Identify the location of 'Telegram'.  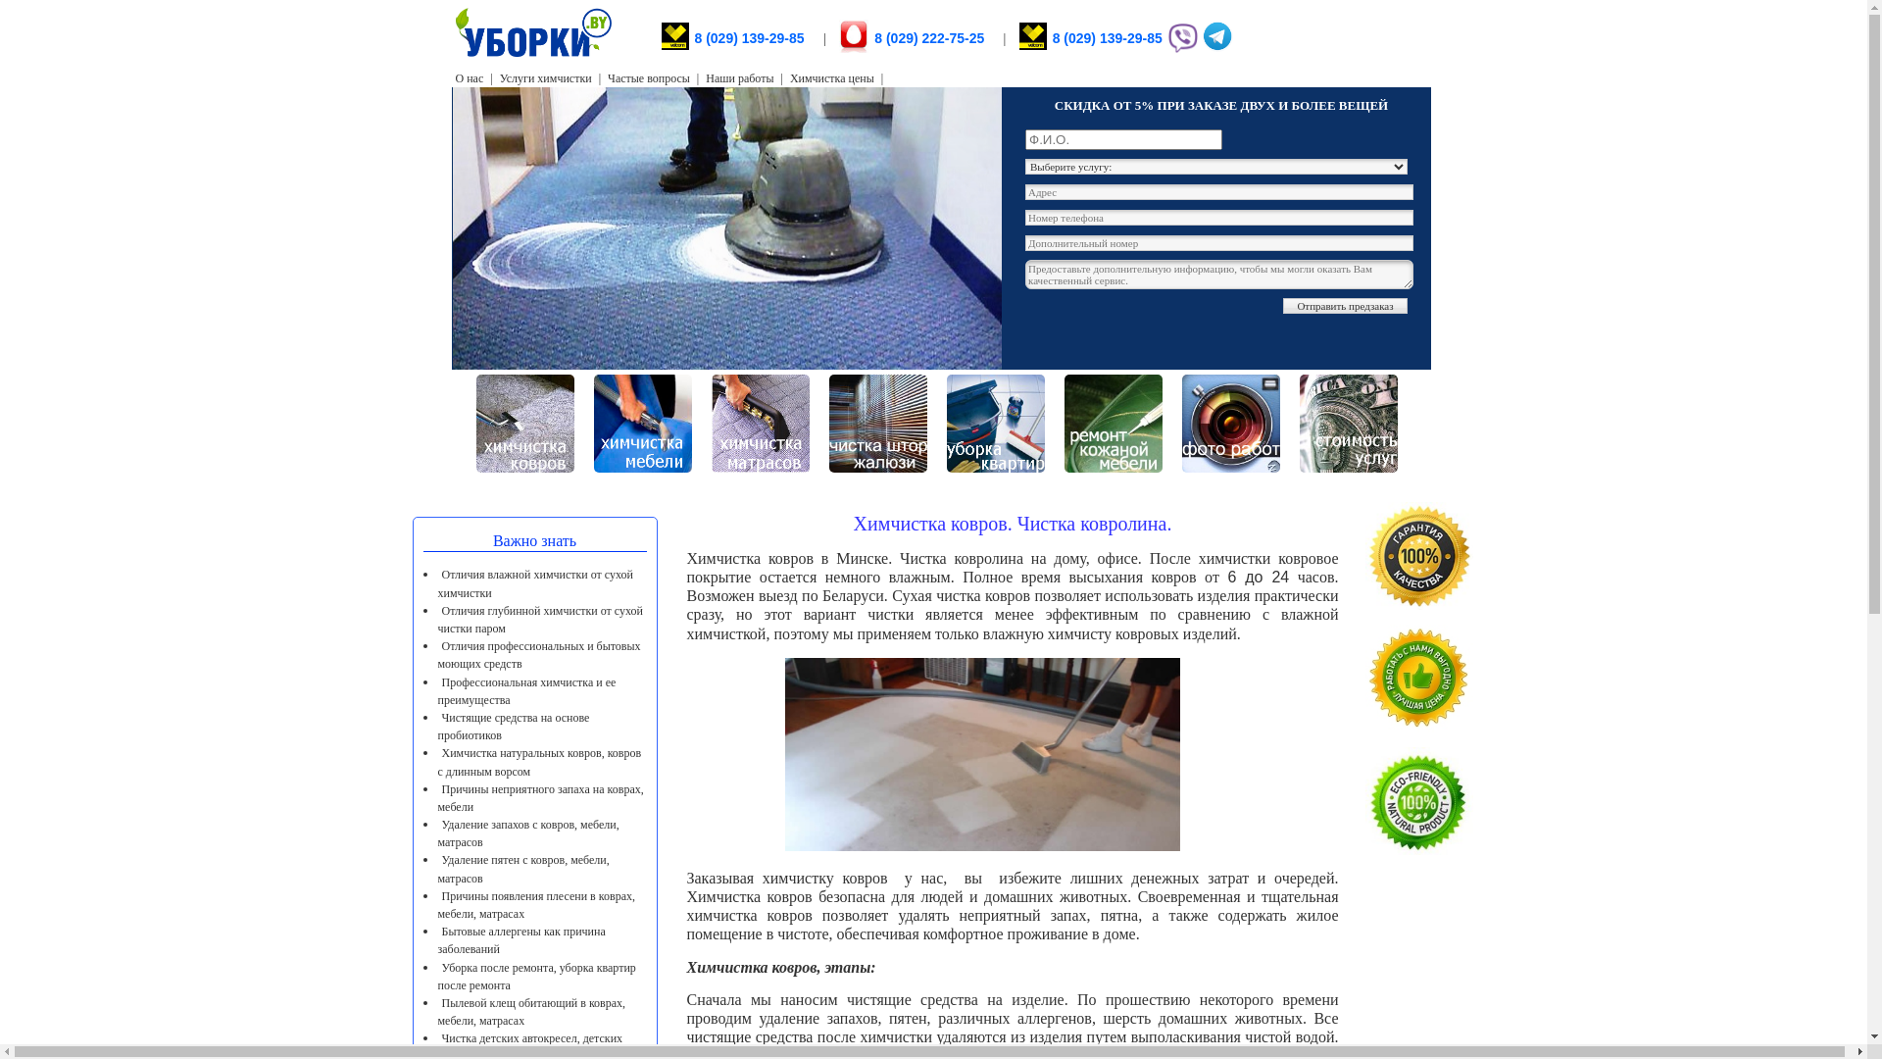
(1216, 48).